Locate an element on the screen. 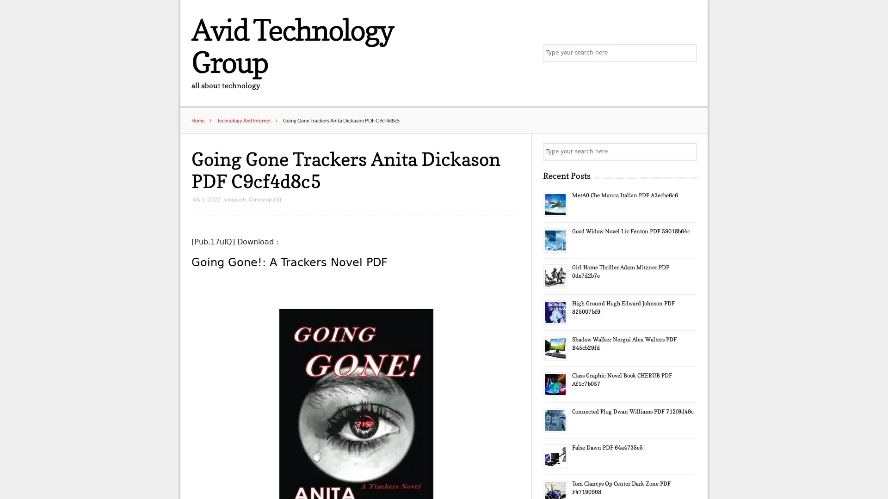  Search is located at coordinates (687, 152).